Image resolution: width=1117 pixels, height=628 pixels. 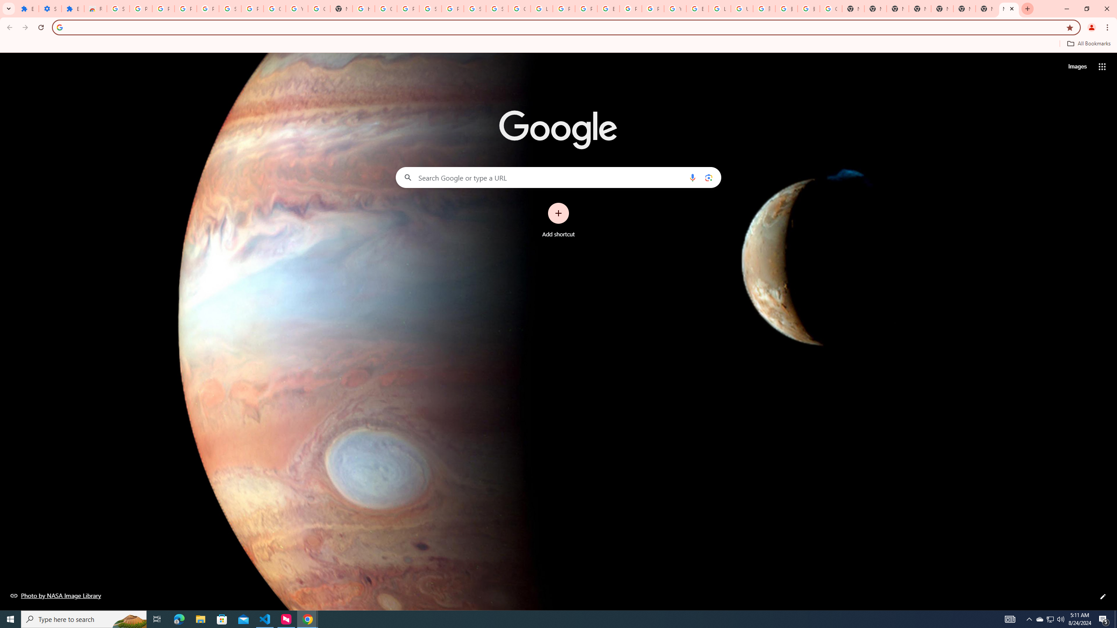 I want to click on 'New Tab', so click(x=964, y=8).